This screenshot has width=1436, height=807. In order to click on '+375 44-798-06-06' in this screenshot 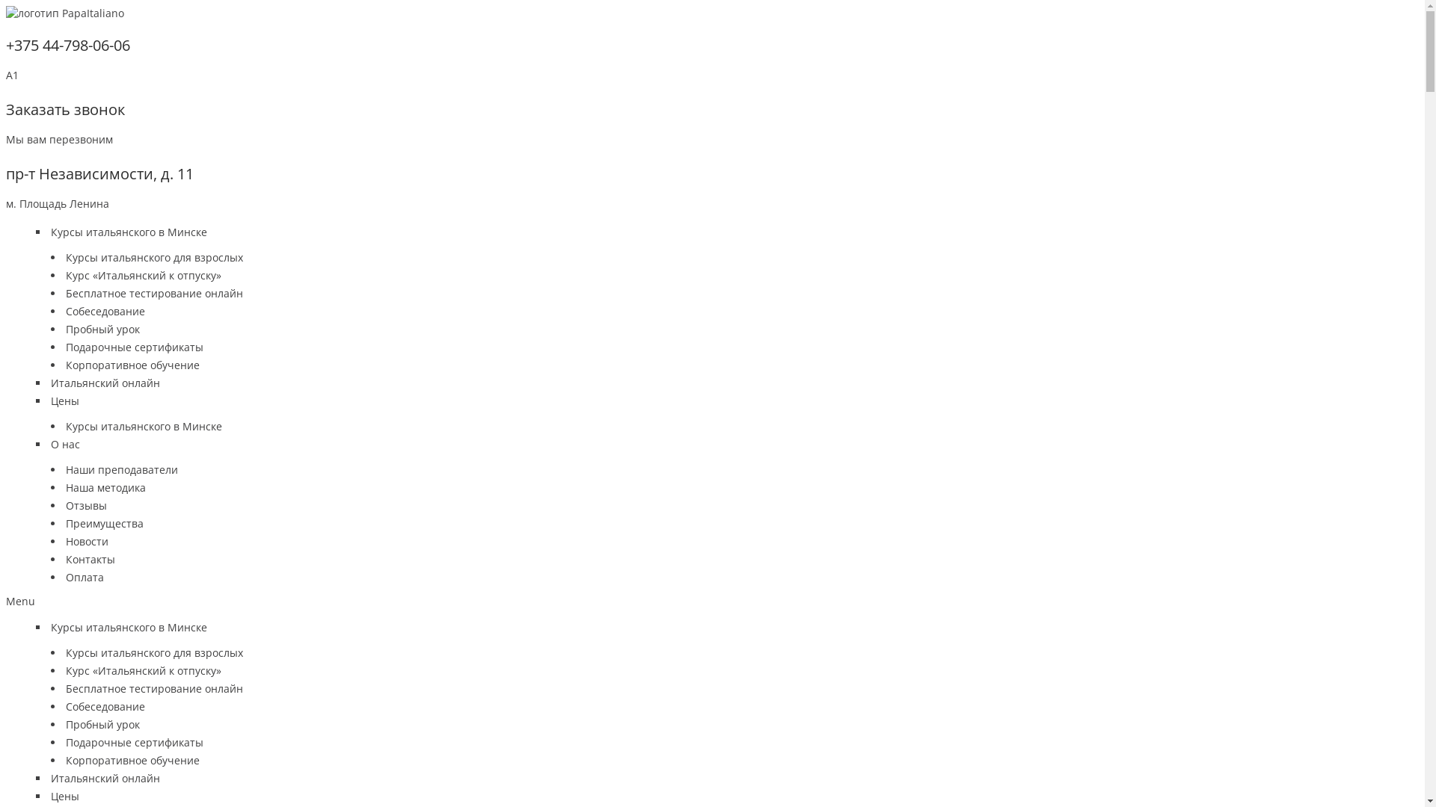, I will do `click(6, 44)`.